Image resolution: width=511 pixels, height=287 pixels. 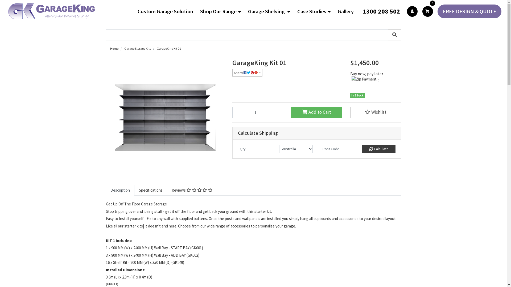 I want to click on 'GarageKing Pty Ltd', so click(x=51, y=11).